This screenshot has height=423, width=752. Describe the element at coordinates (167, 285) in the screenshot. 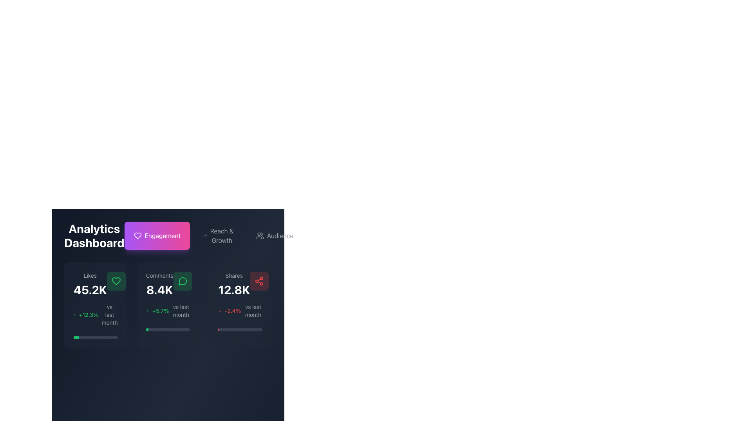

I see `the Data visualization card that displays analytics metrics such as likes, comments, and shares, positioned centrally in the analytics dashboard below the header section` at that location.